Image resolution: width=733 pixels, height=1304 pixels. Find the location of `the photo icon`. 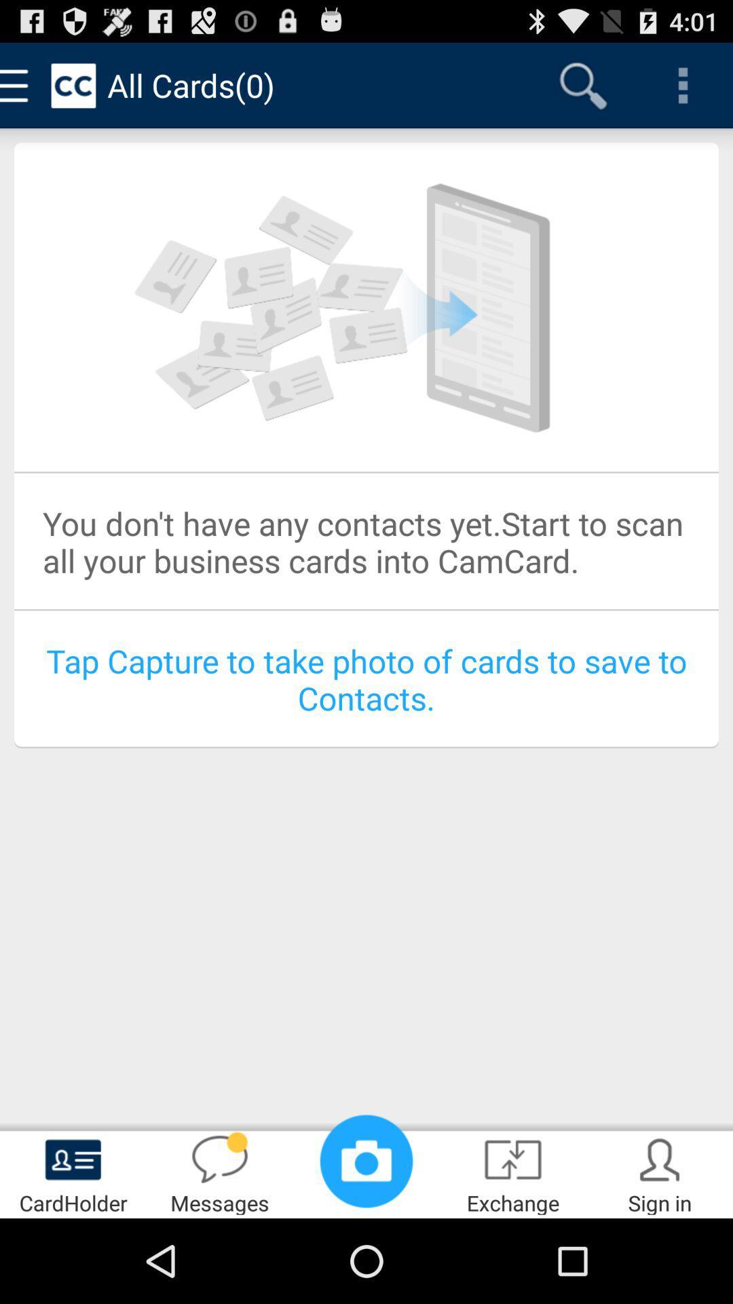

the photo icon is located at coordinates (366, 1243).